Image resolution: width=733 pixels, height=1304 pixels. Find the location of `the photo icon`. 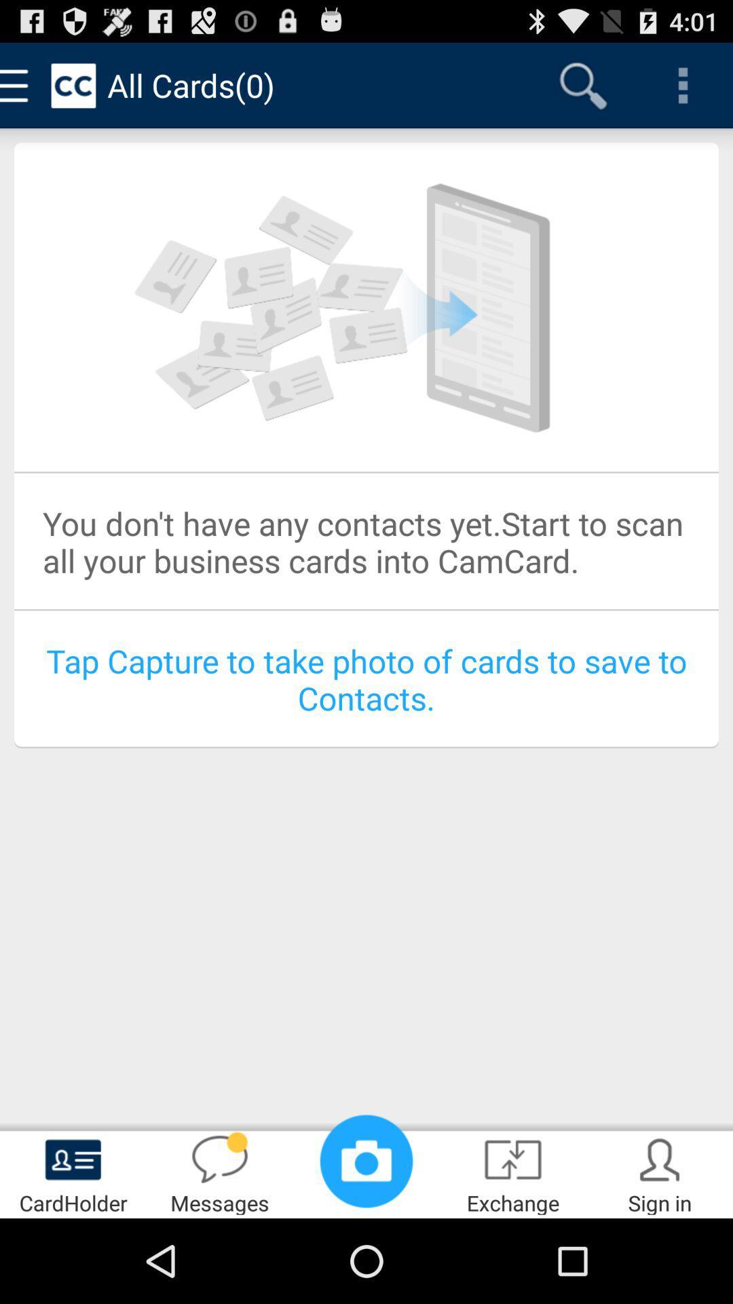

the photo icon is located at coordinates (366, 1243).